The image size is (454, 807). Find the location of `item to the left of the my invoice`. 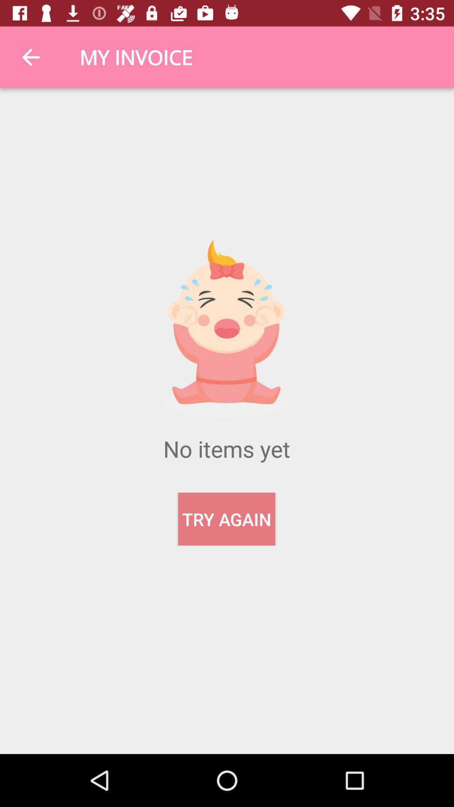

item to the left of the my invoice is located at coordinates (30, 57).